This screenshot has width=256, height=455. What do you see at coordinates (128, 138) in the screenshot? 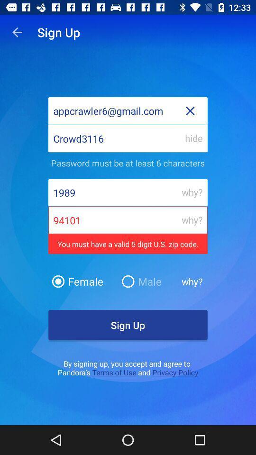
I see `the option which says crowd3116` at bounding box center [128, 138].